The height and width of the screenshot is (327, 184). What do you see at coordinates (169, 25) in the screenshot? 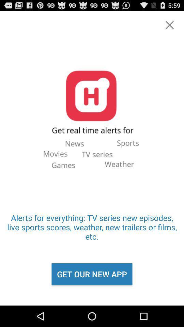
I see `an x icon for backing out or closing the page and or app` at bounding box center [169, 25].